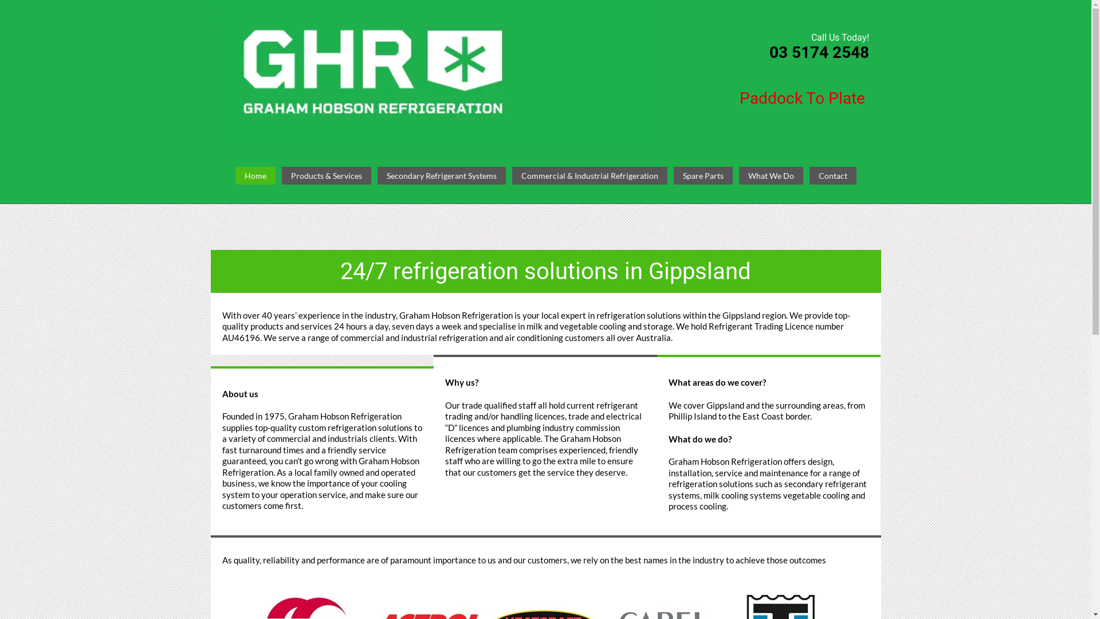 The width and height of the screenshot is (1100, 619). I want to click on 'Commercial & Industrial Refrigeration', so click(590, 176).